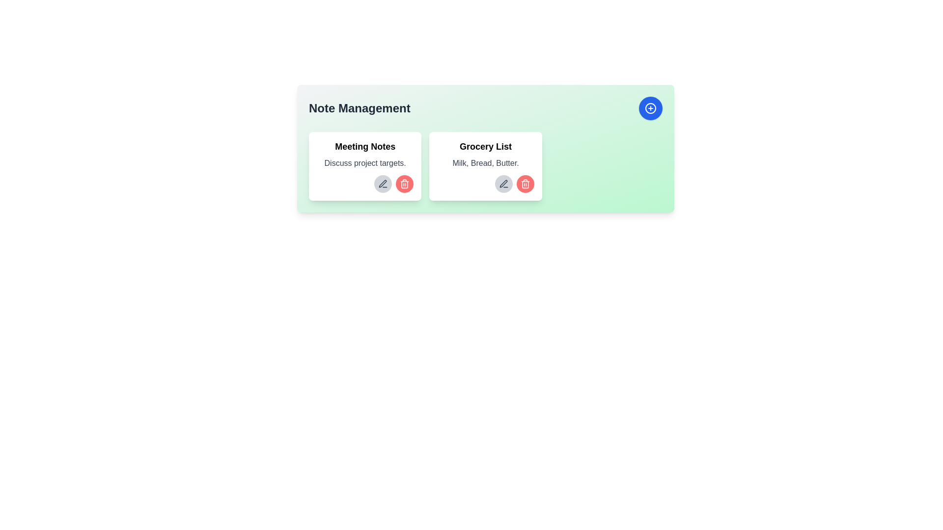  Describe the element at coordinates (405, 184) in the screenshot. I see `the red circular delete button with a white trash can icon located at the bottom-right of the 'Meeting Notes' card under certain conditions` at that location.